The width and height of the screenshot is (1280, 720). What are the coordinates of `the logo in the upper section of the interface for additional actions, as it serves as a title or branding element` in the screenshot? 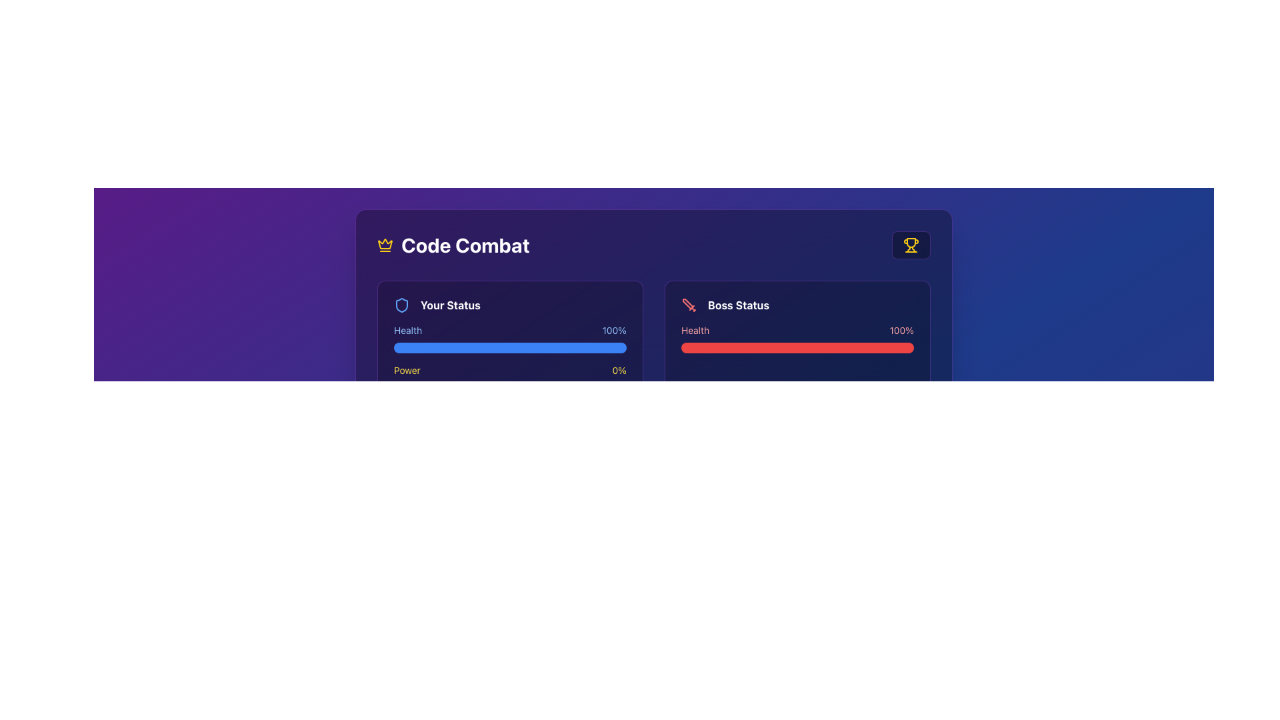 It's located at (453, 245).